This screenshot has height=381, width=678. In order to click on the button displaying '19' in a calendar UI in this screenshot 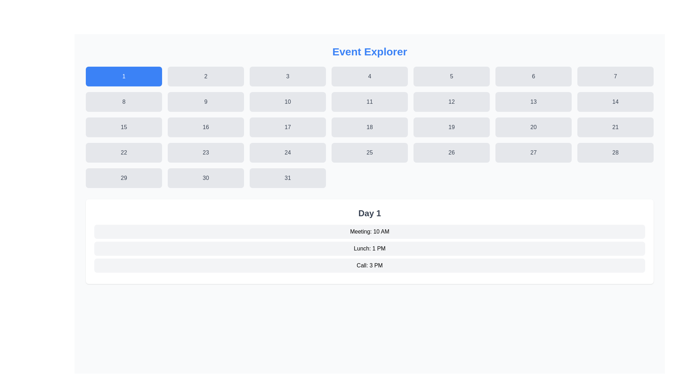, I will do `click(451, 127)`.